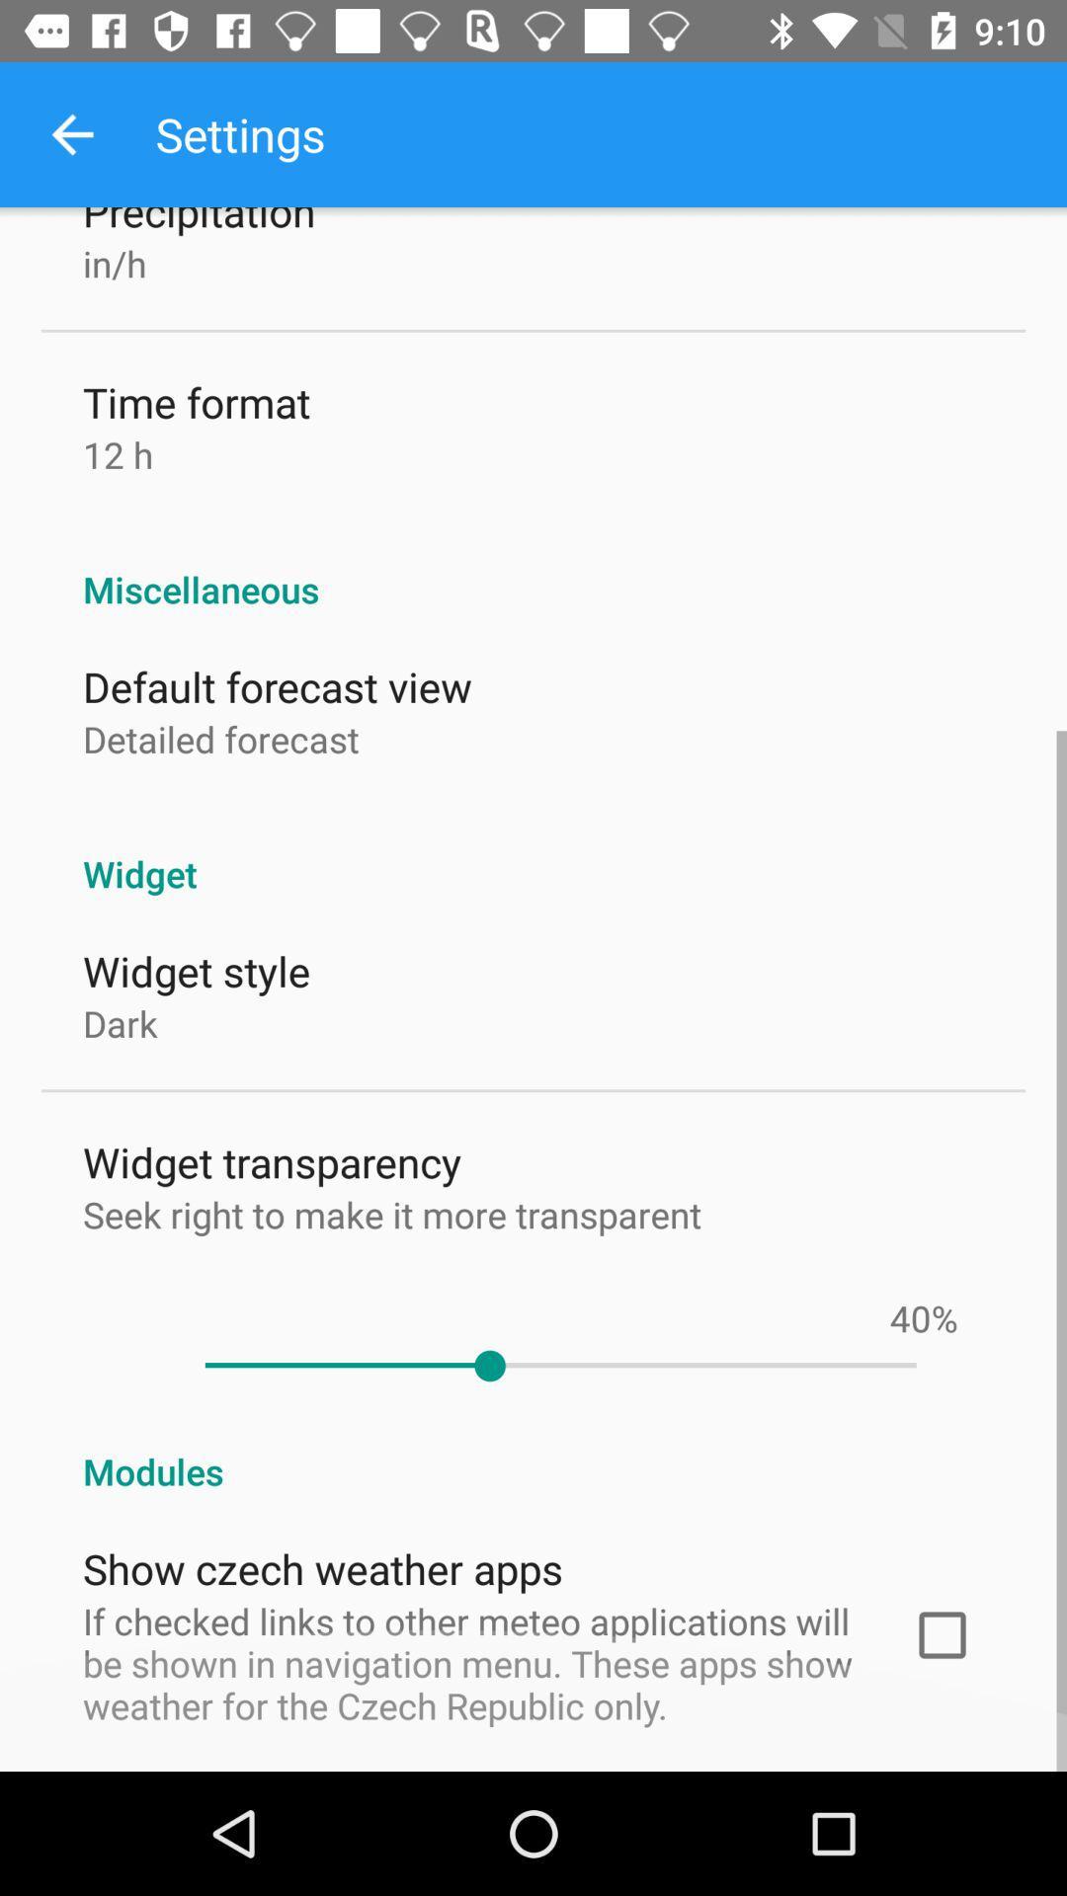  I want to click on the icon below dark item, so click(272, 1161).